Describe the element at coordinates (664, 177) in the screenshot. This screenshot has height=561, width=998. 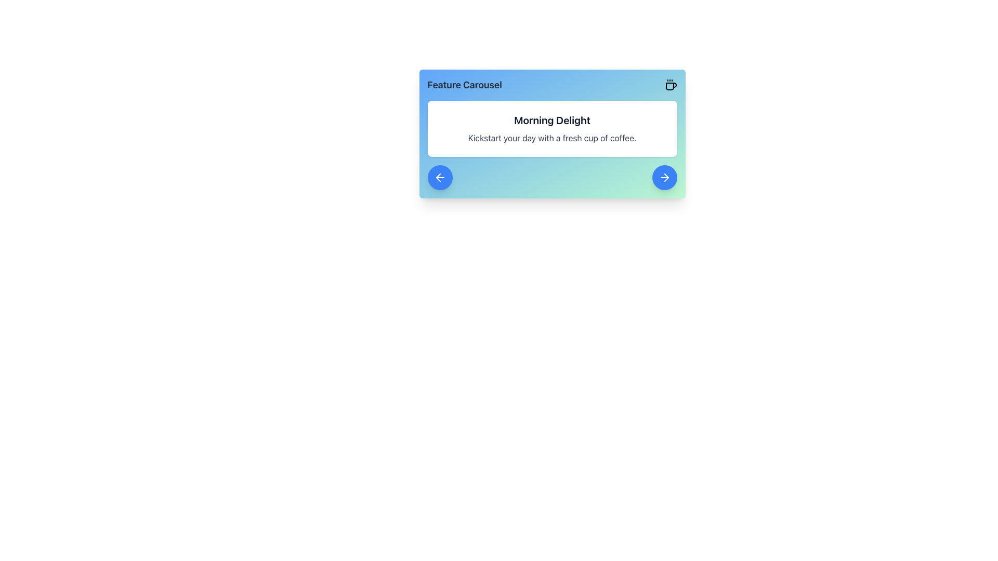
I see `the arrow icon within the blue button located at the bottom-right corner of the card component` at that location.